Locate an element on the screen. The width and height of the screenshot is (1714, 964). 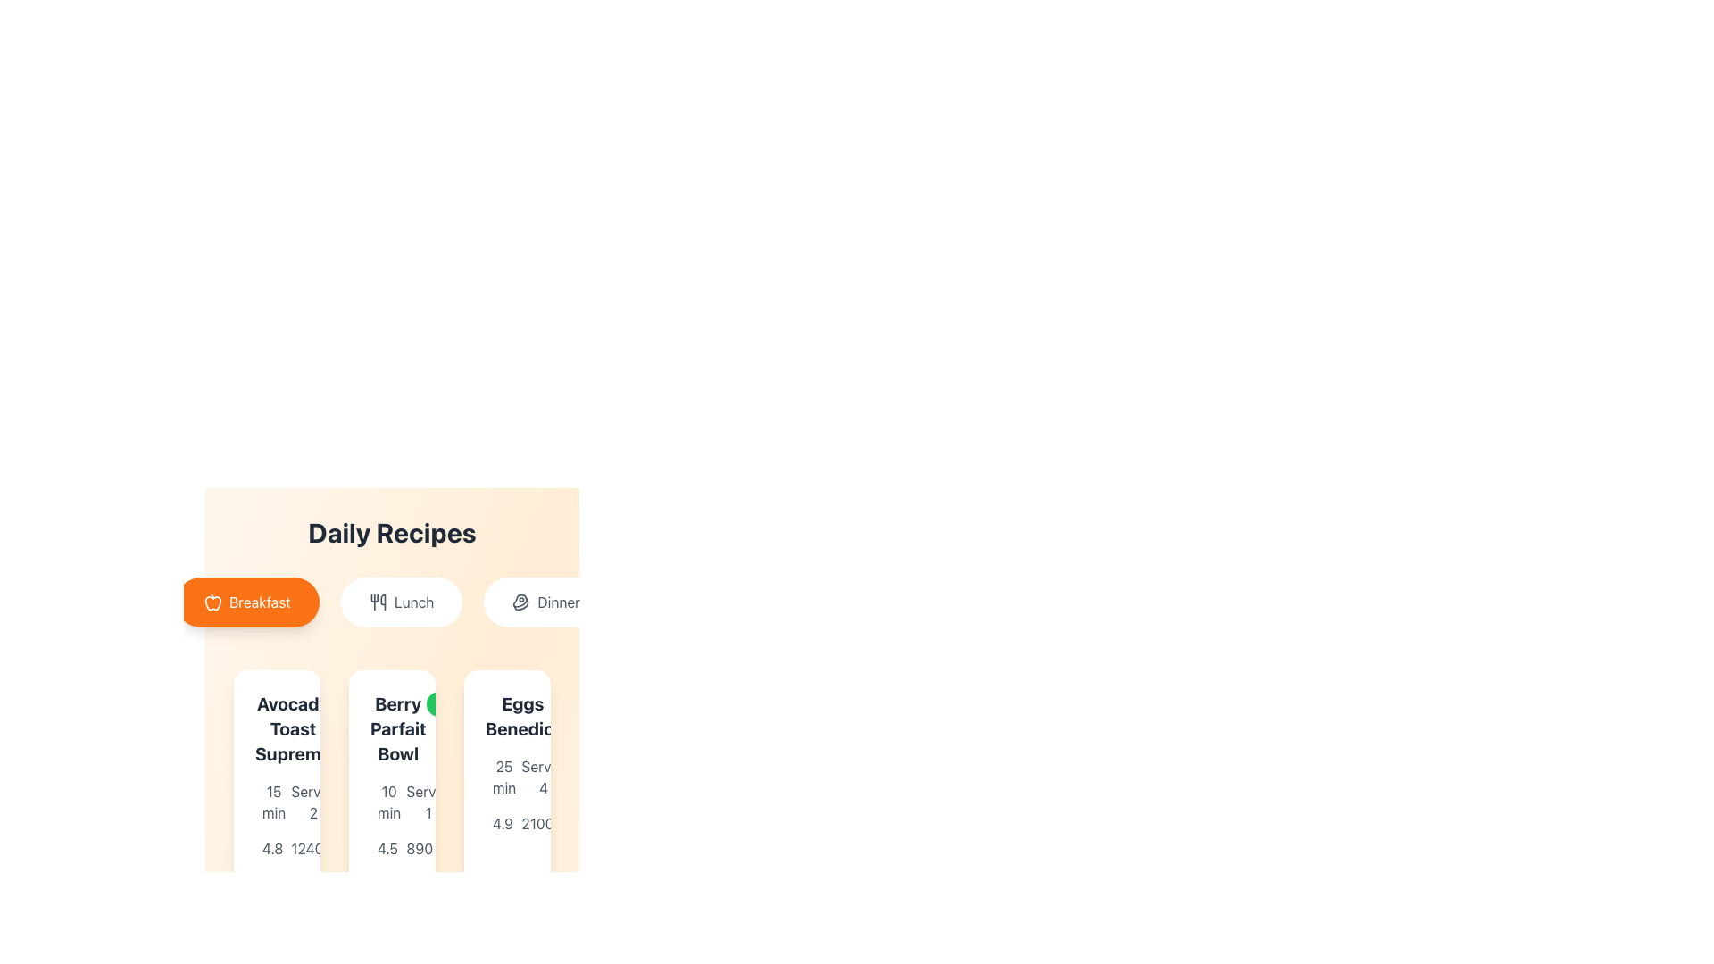
the text 'Serves 4' styled in gray, which is adjacent to a vibrant orange user icon, located in the lower portion of the 'Eggs Benedict' card is located at coordinates (520, 777).